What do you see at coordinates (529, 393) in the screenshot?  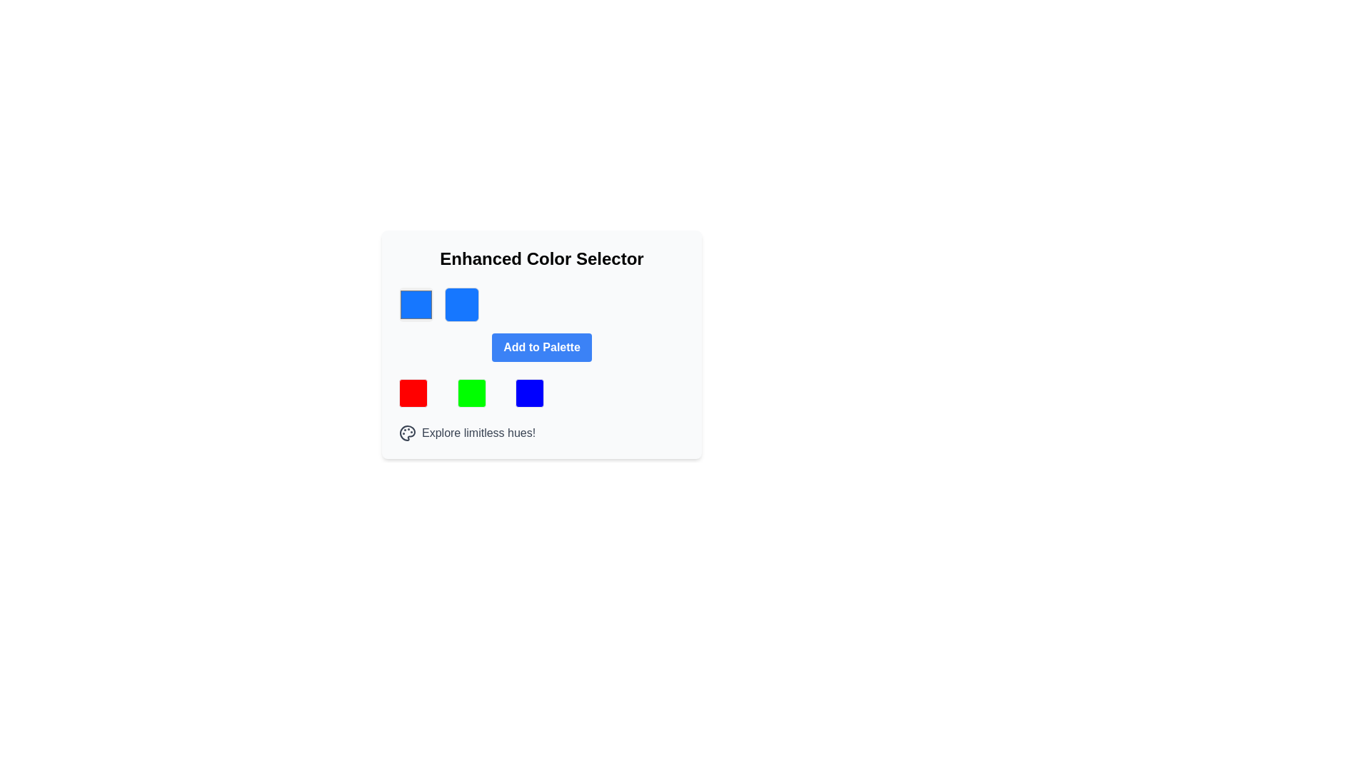 I see `the third color swatch in the bottom row of the color selector grid located under the 'Enhanced Color Selector' section` at bounding box center [529, 393].